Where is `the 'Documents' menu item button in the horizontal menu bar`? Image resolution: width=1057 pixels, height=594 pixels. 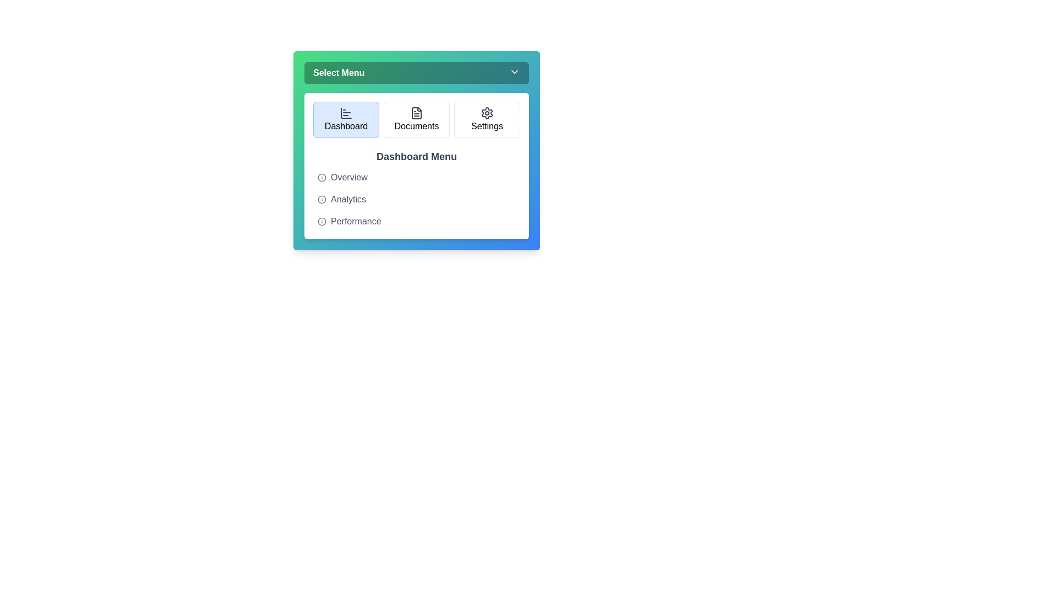
the 'Documents' menu item button in the horizontal menu bar is located at coordinates (416, 120).